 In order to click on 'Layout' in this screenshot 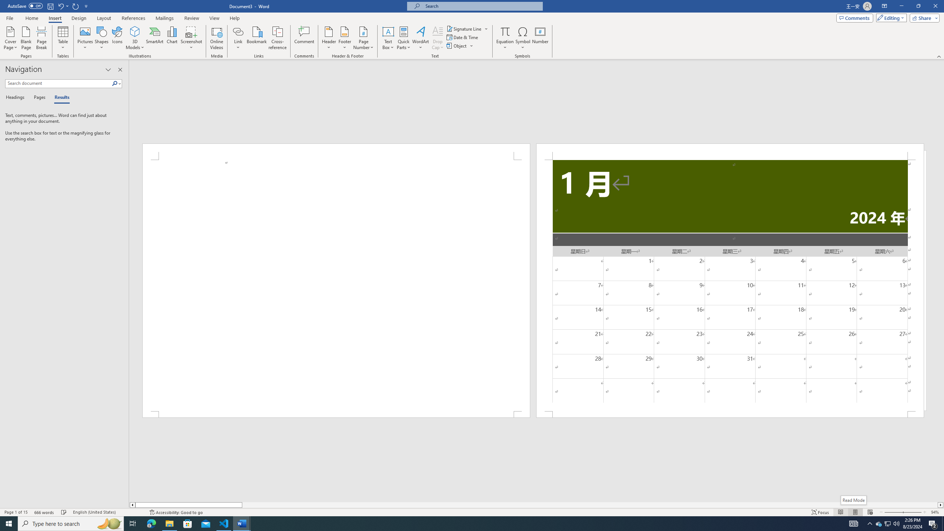, I will do `click(104, 18)`.